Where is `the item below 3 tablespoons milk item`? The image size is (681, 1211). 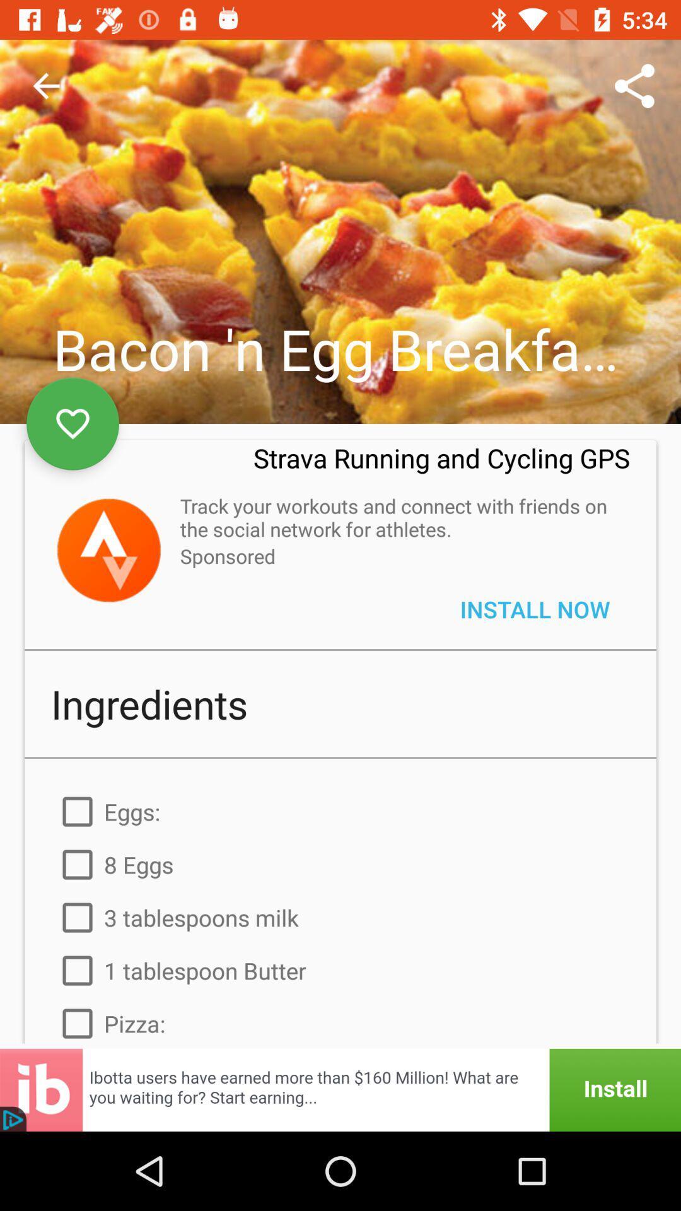
the item below 3 tablespoons milk item is located at coordinates (340, 970).